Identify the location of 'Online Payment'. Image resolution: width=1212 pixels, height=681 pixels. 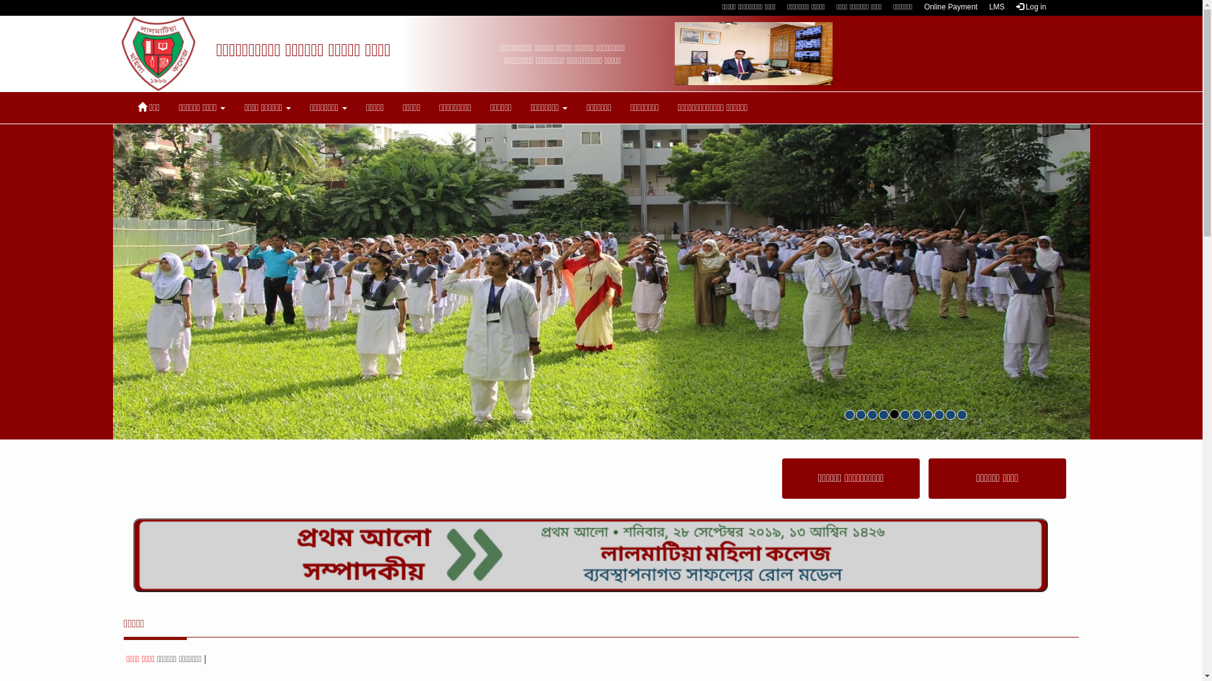
(951, 7).